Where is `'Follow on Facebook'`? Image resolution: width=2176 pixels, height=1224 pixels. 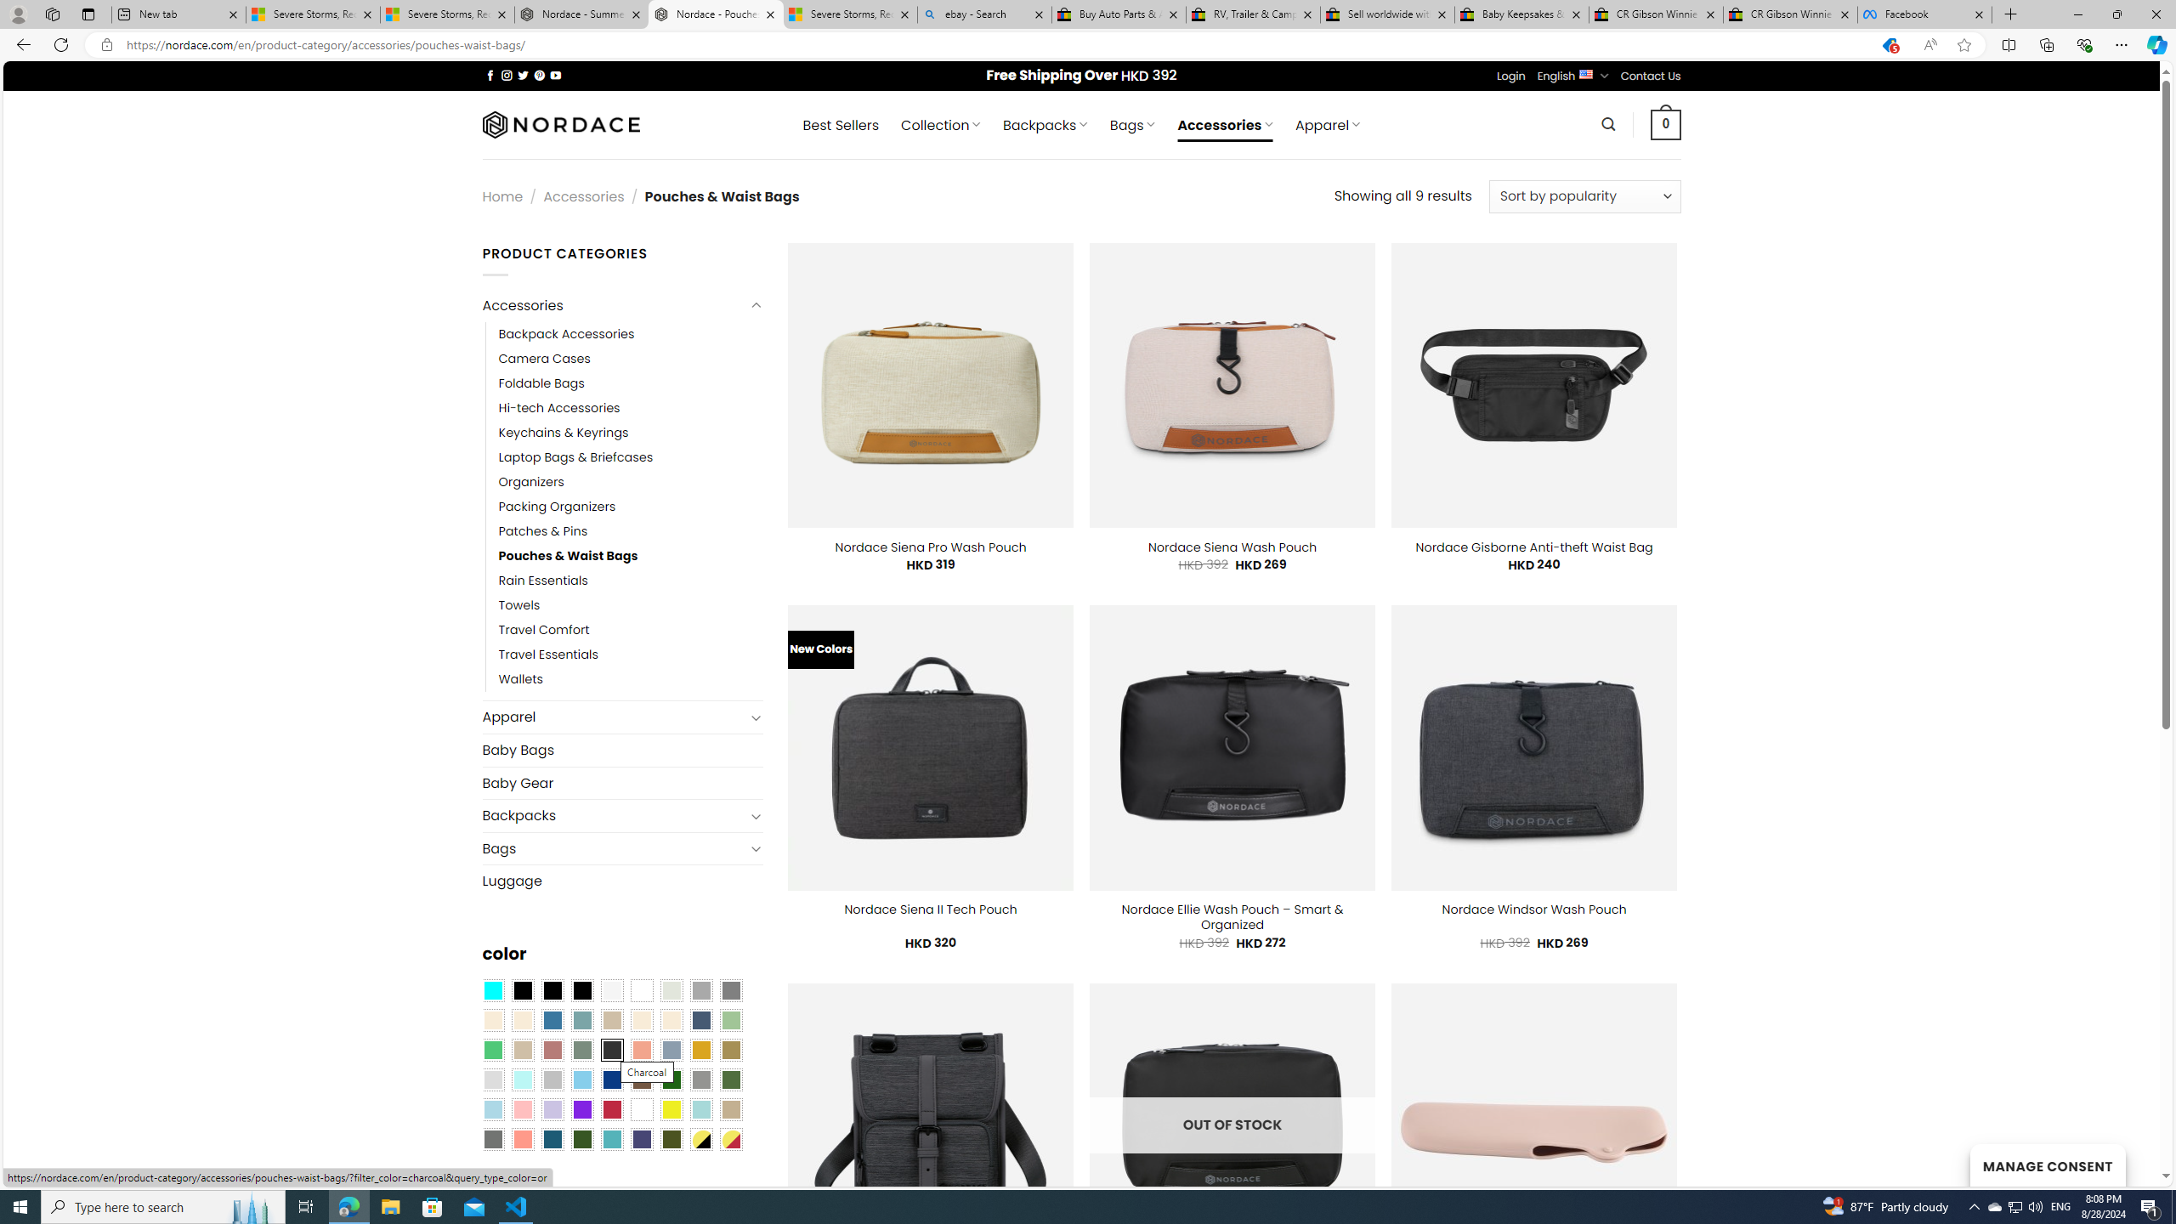 'Follow on Facebook' is located at coordinates (490, 75).